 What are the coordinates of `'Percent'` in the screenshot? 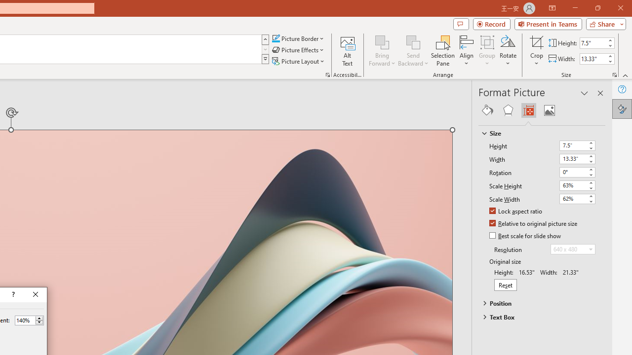 It's located at (25, 320).